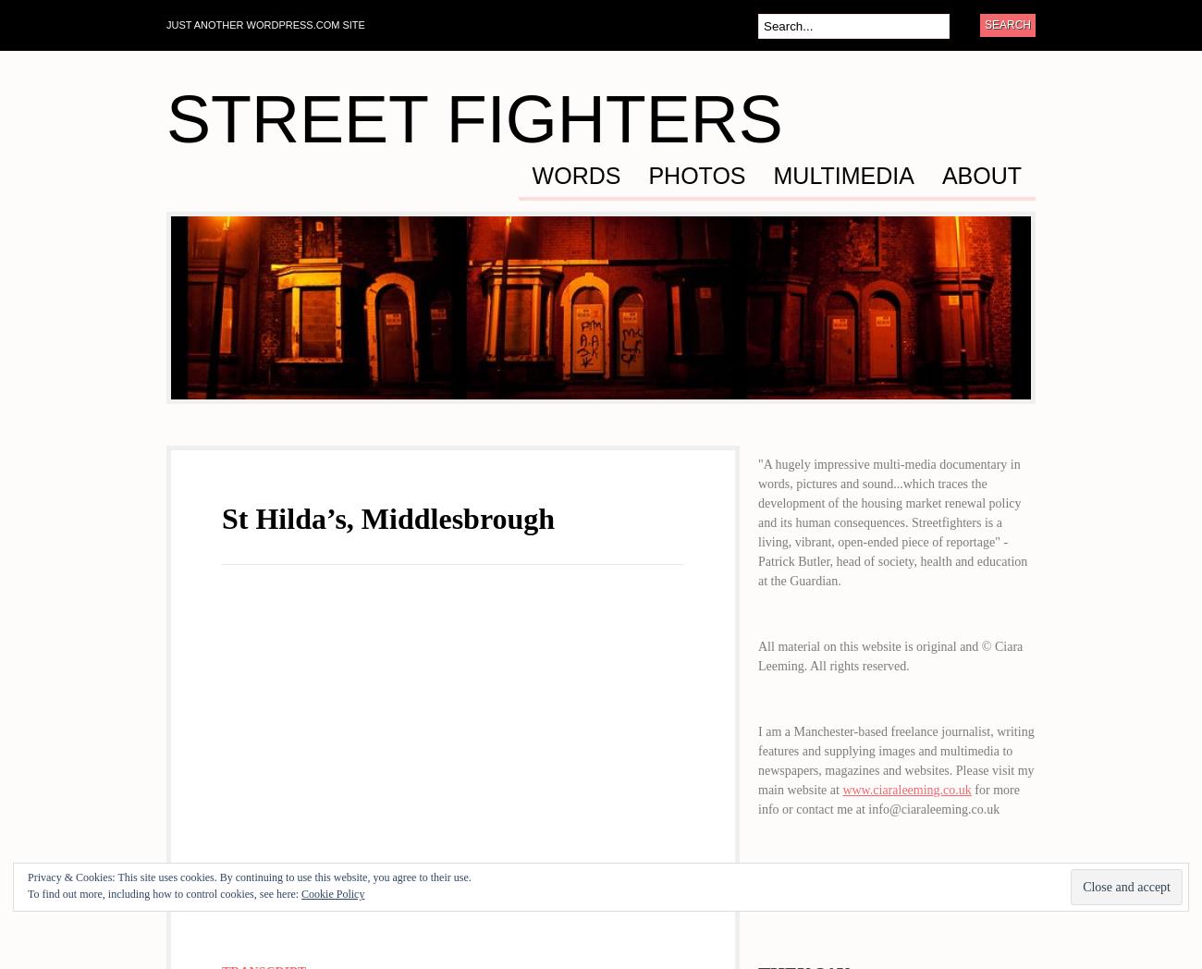 The width and height of the screenshot is (1202, 969). Describe the element at coordinates (164, 892) in the screenshot. I see `'To find out more, including how to control cookies, see here:'` at that location.